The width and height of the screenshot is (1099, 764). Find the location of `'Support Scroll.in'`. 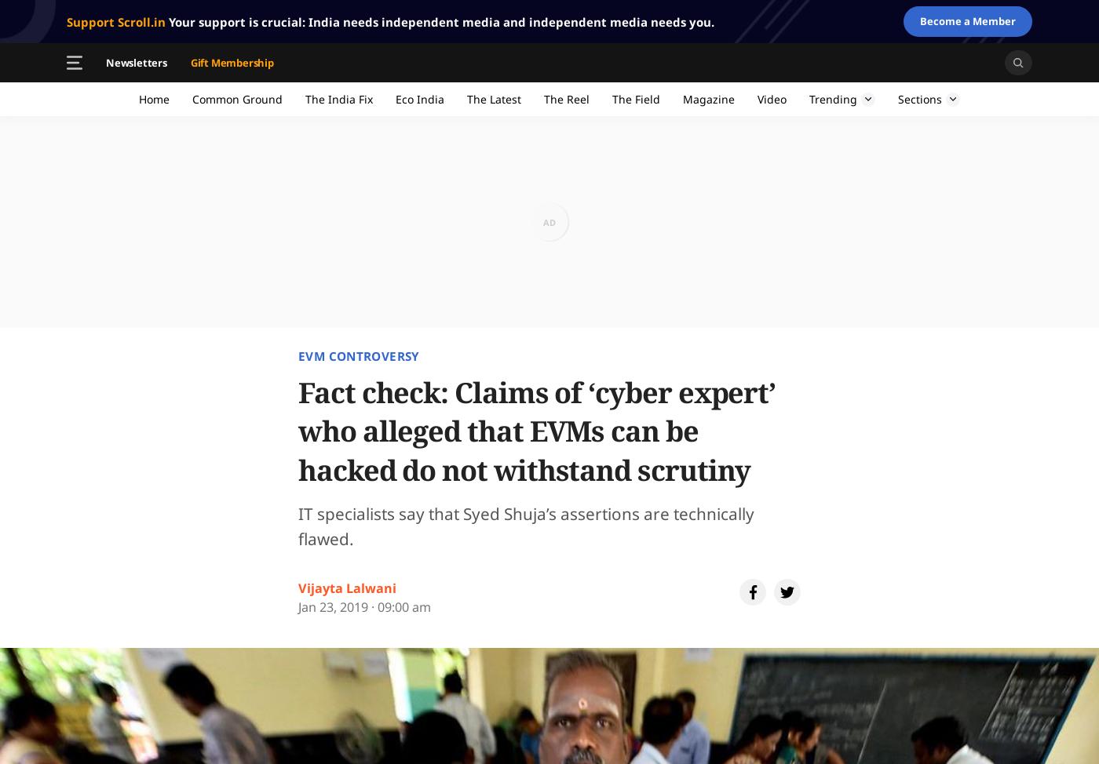

'Support Scroll.in' is located at coordinates (115, 20).